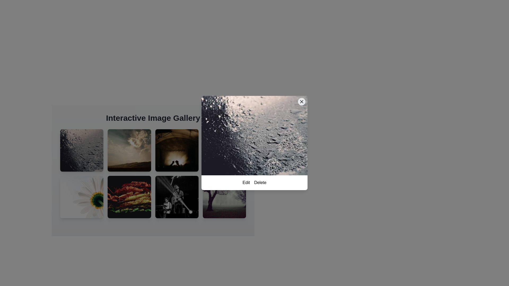 The height and width of the screenshot is (286, 509). What do you see at coordinates (81, 150) in the screenshot?
I see `the zoom-in icon located on the first tile of the interactive image grid to initiate a zoom-in action` at bounding box center [81, 150].